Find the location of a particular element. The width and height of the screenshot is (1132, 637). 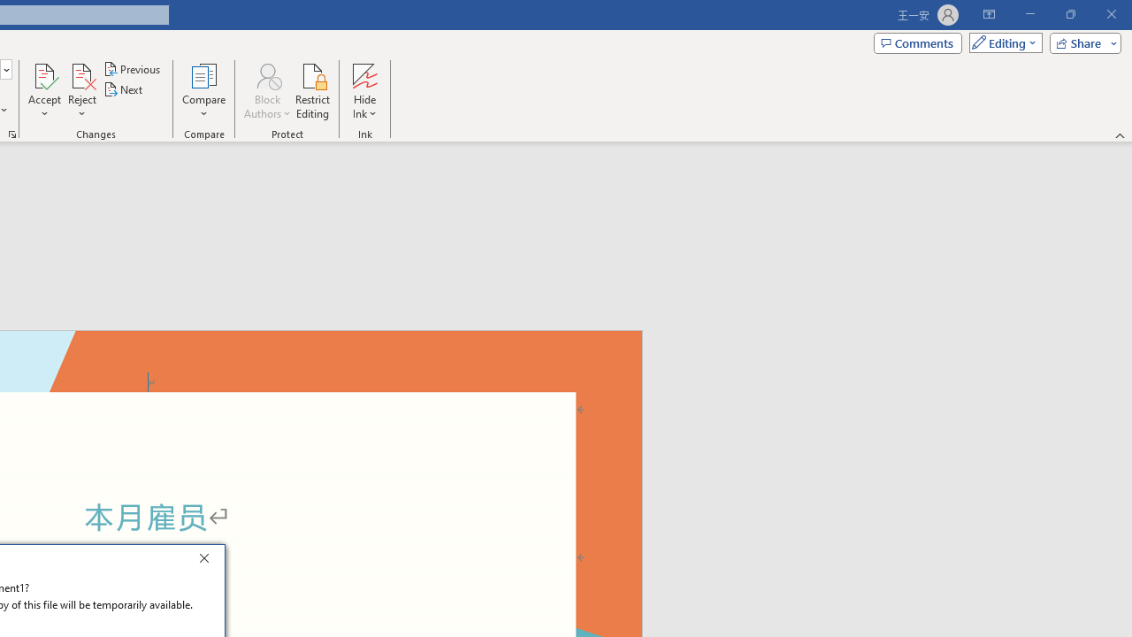

'Compare' is located at coordinates (204, 91).